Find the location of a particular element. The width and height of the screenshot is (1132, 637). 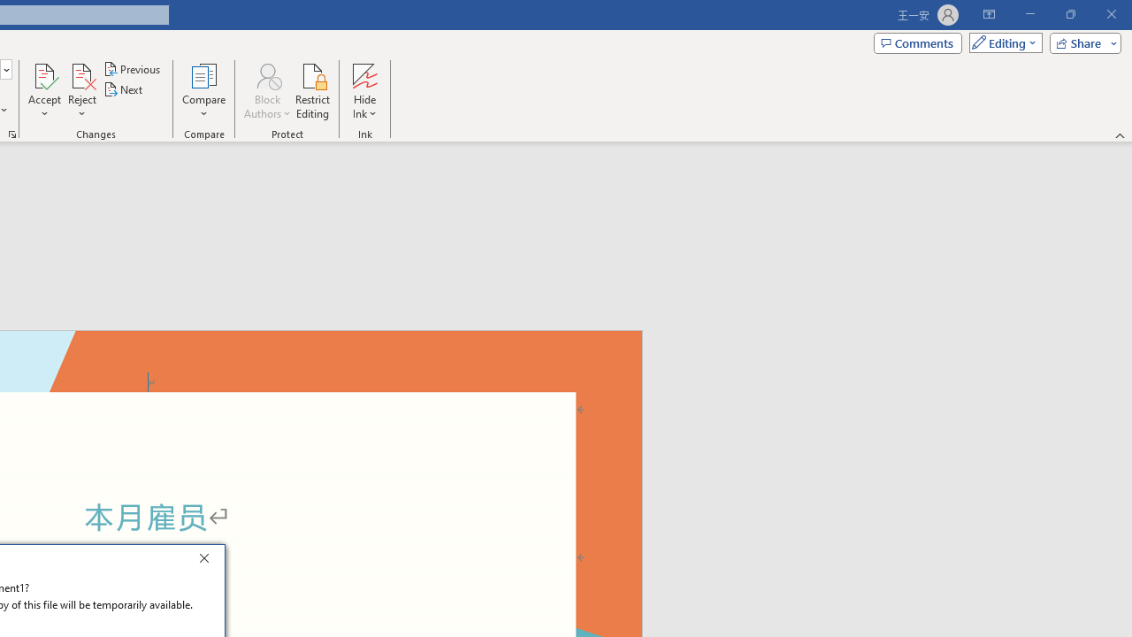

'Compare' is located at coordinates (204, 91).